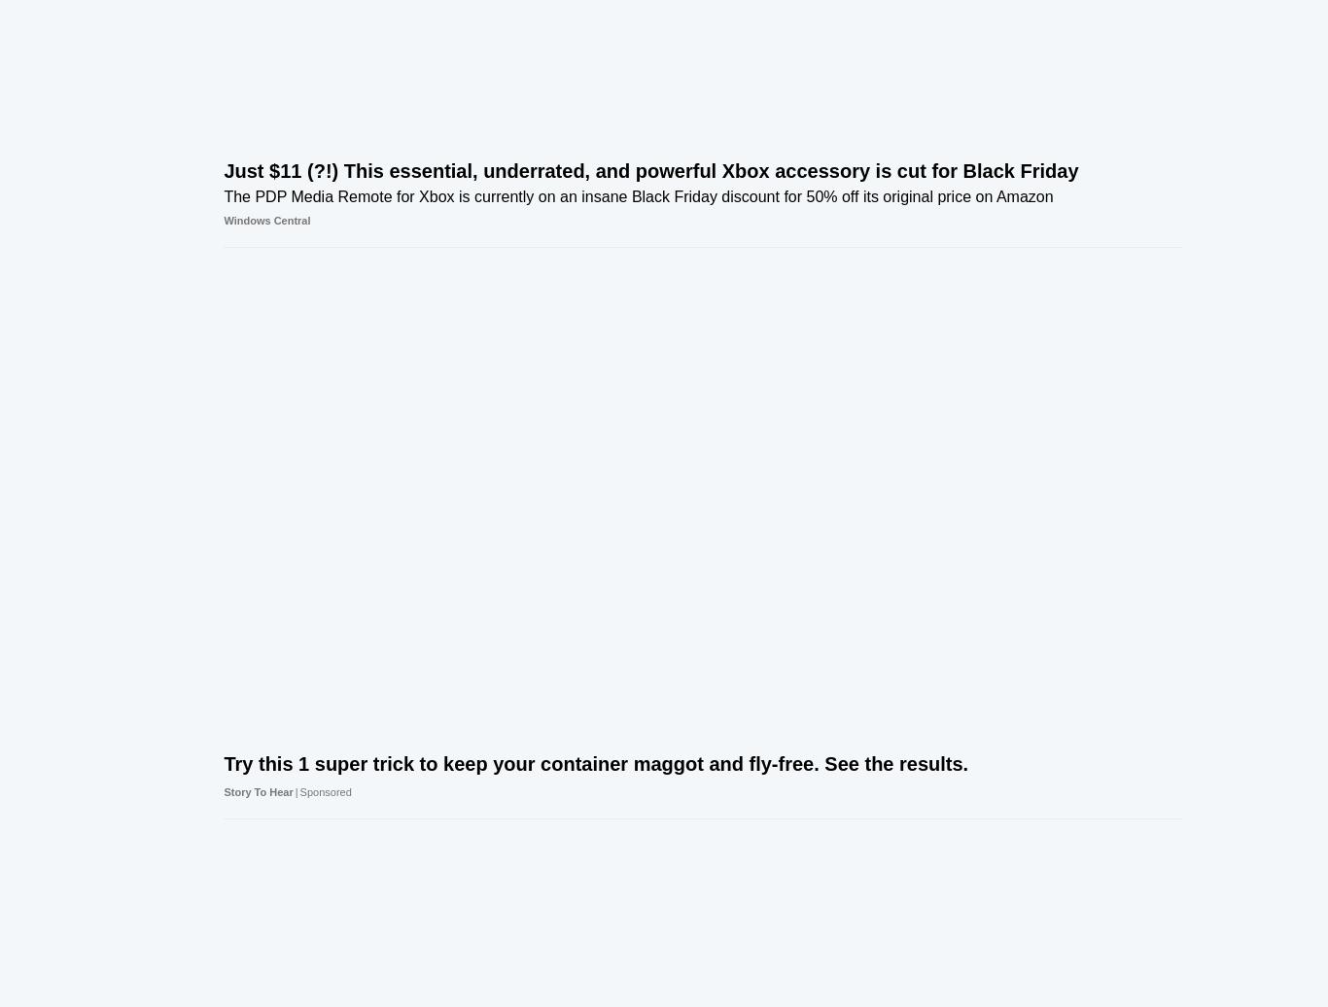  What do you see at coordinates (1051, 74) in the screenshot?
I see `'Replies: 158K'` at bounding box center [1051, 74].